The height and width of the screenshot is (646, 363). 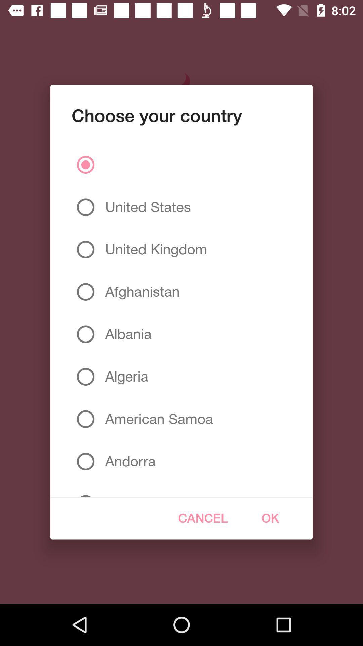 I want to click on the albania item, so click(x=125, y=334).